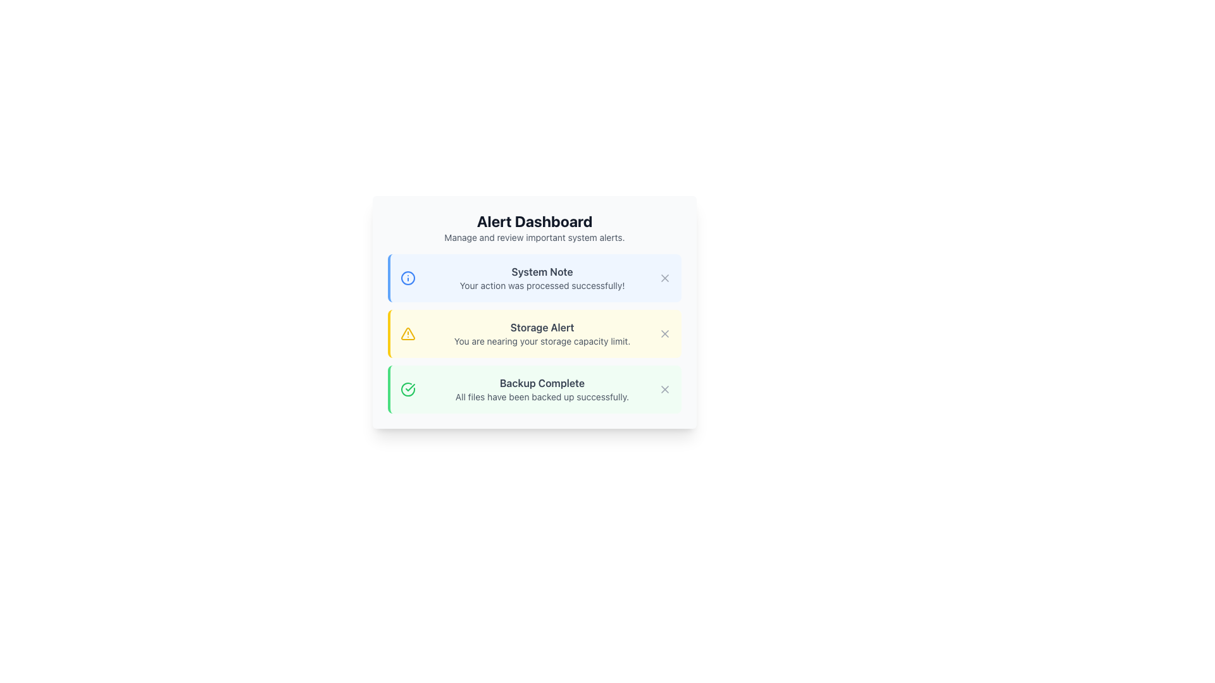  Describe the element at coordinates (534, 333) in the screenshot. I see `the 'Storage Alert' notification, which is the second alert in a vertical stack of alerts with a light yellow background and a bold title` at that location.